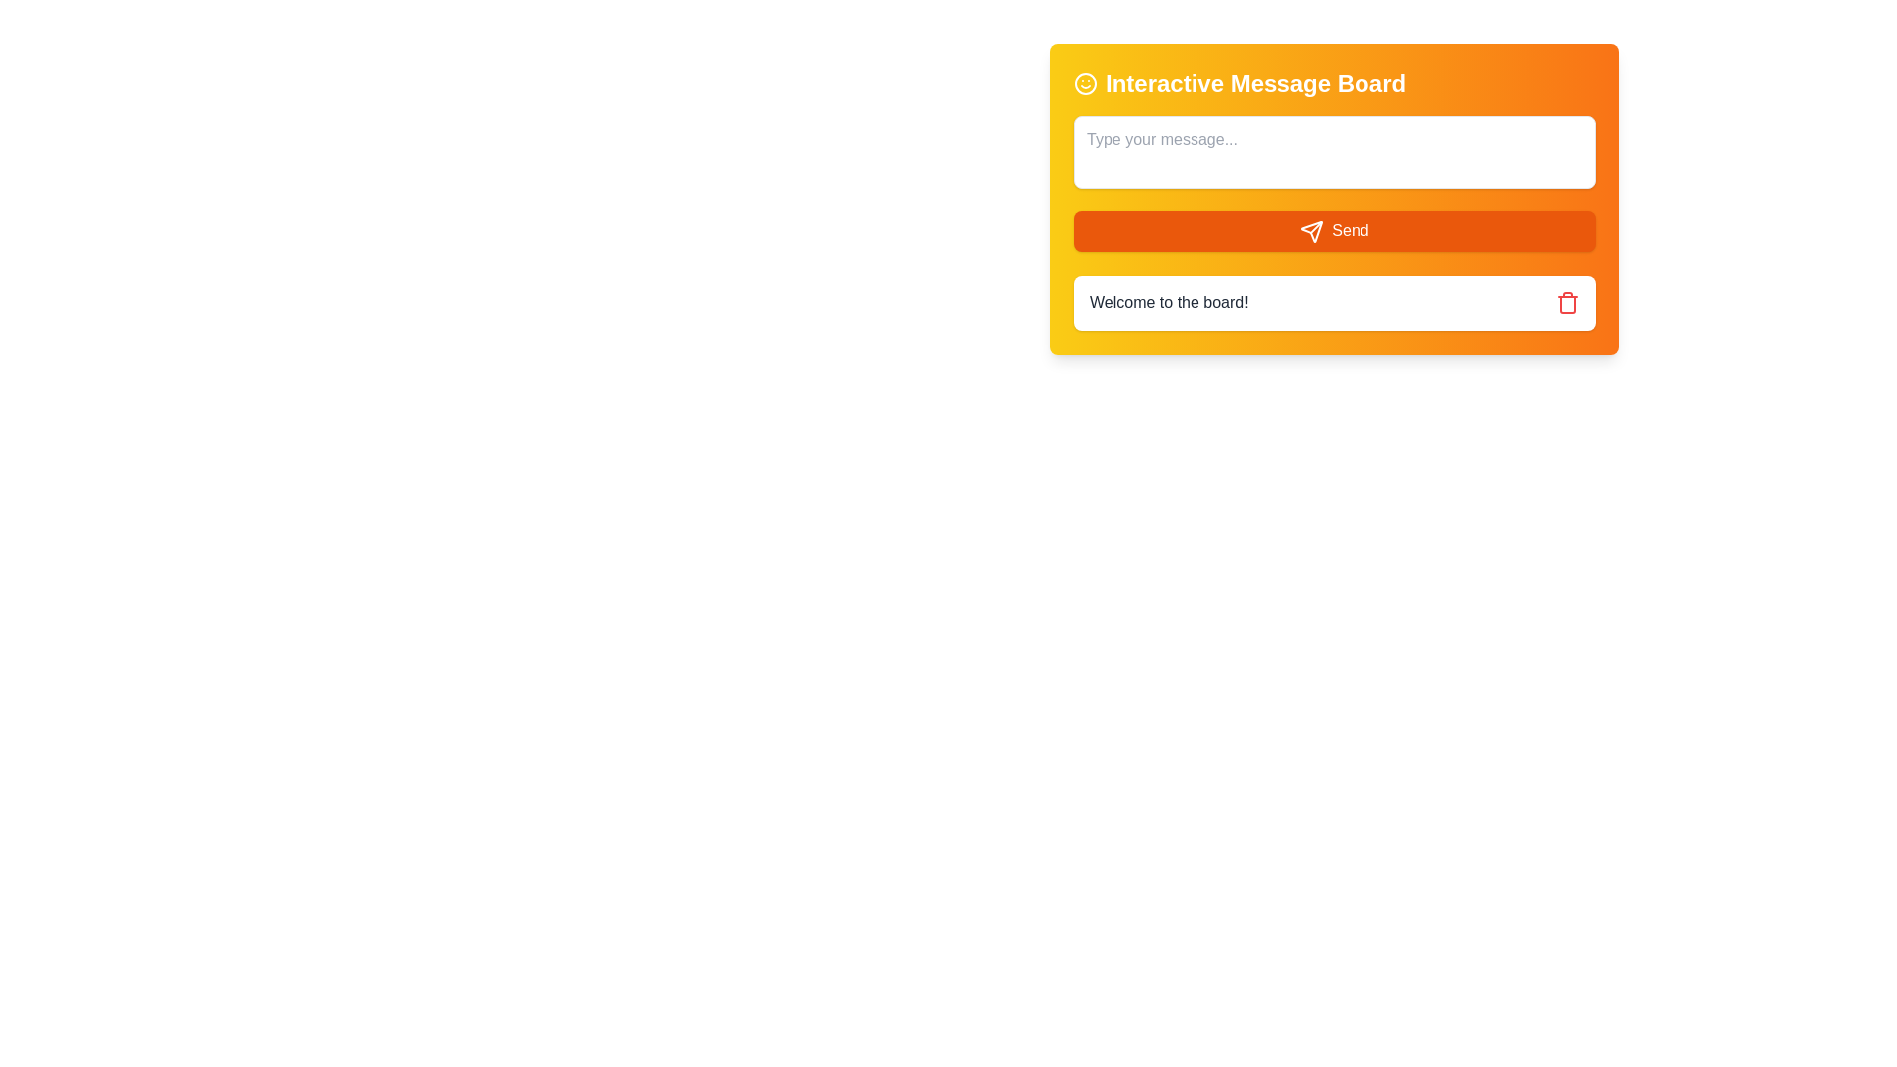 The image size is (1897, 1067). I want to click on the decorative smiley icon located to the immediate left of the 'Interactive Message Board' text, which emphasizes the interactive theme of the board, so click(1085, 82).